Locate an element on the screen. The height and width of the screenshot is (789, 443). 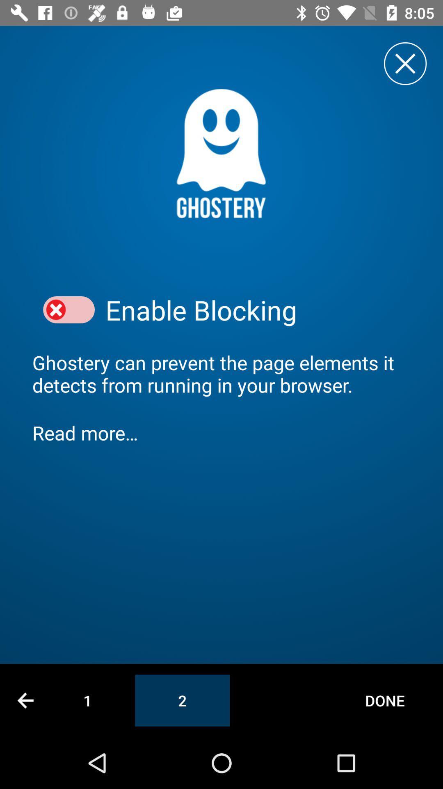
the enable blocking item is located at coordinates (258, 309).